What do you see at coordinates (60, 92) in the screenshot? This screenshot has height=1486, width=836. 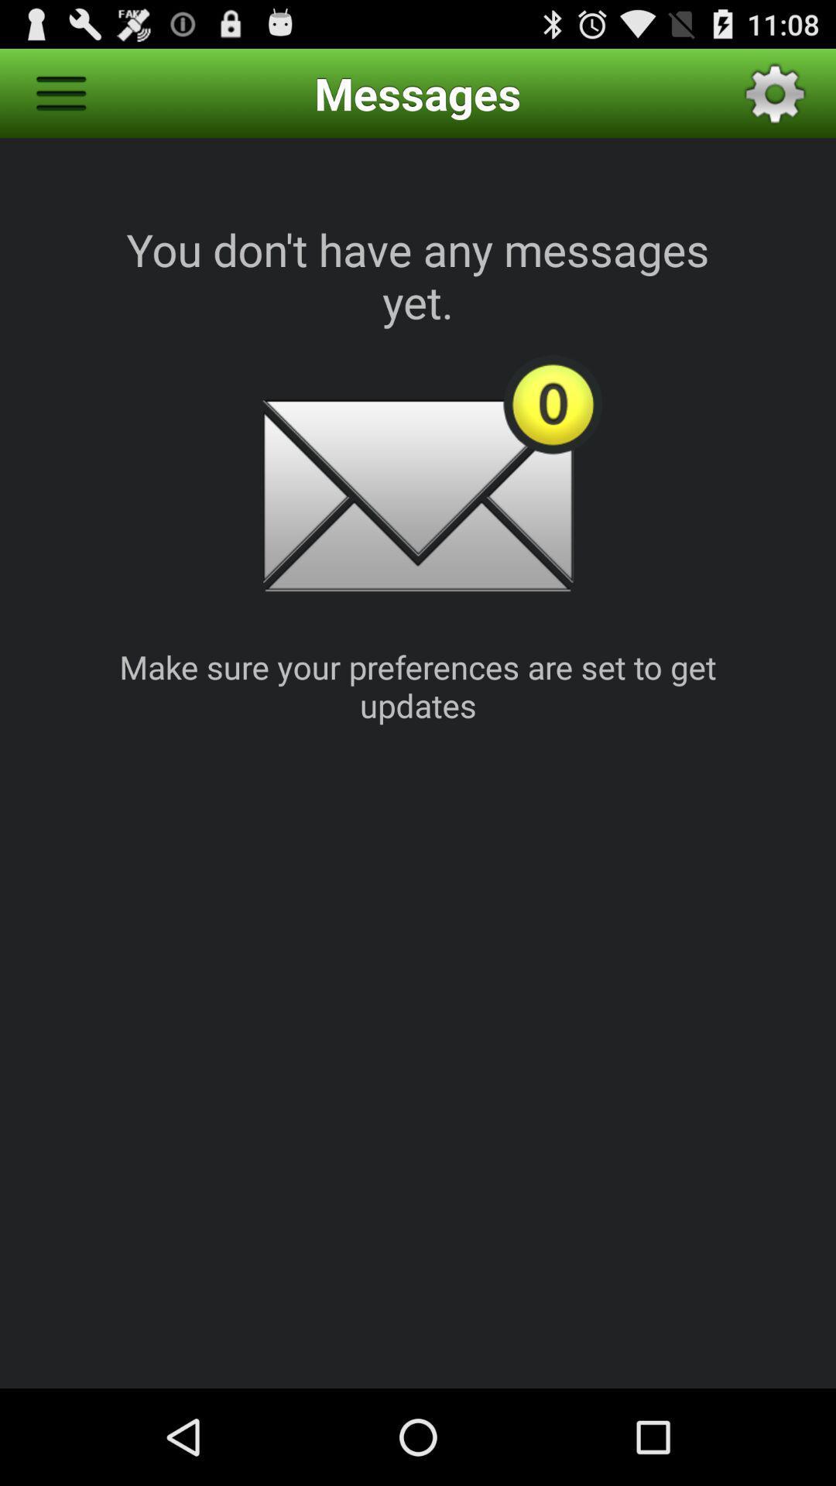 I see `item at the top left corner` at bounding box center [60, 92].